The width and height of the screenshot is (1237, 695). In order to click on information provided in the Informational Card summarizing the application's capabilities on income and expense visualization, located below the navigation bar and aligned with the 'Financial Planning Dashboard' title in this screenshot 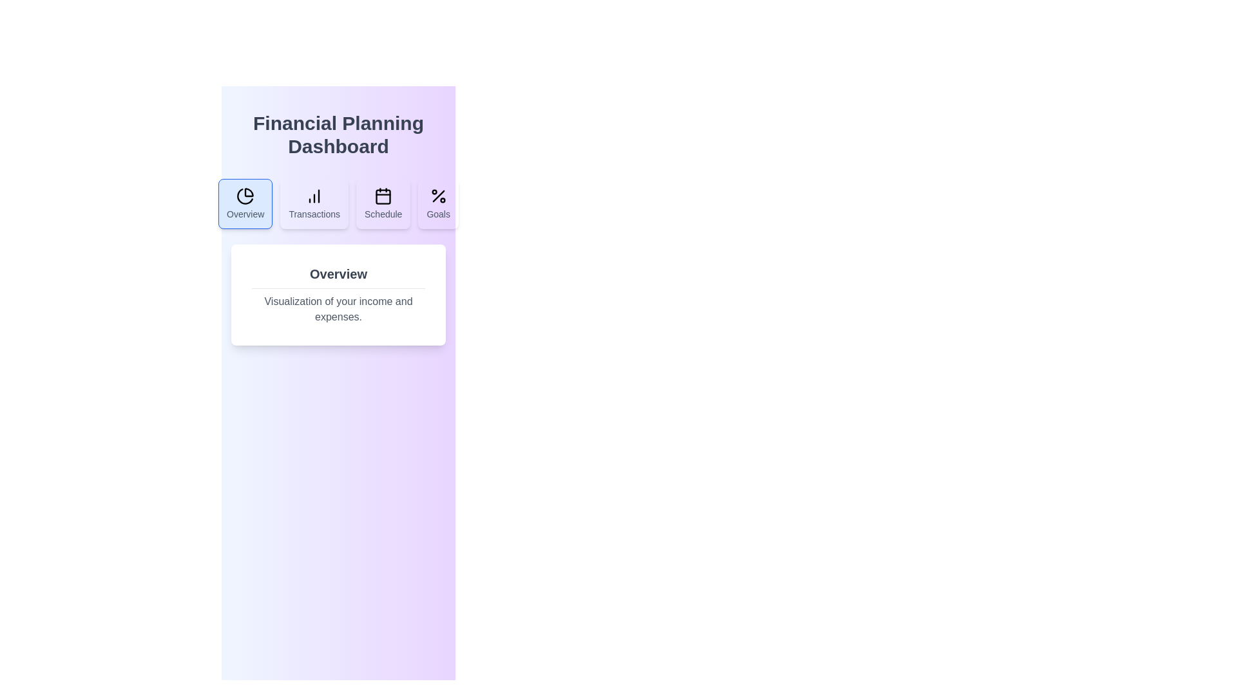, I will do `click(338, 295)`.